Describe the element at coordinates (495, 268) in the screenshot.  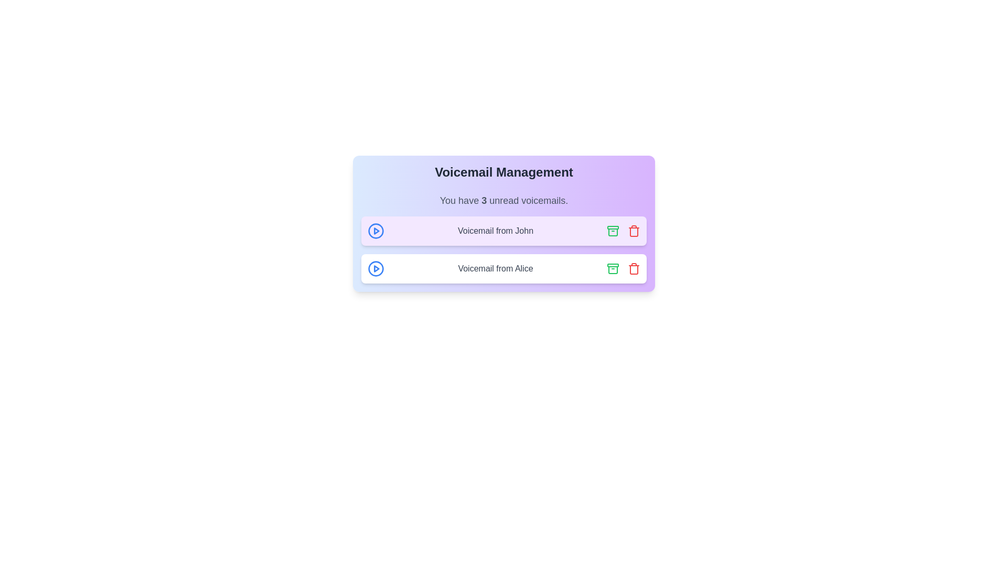
I see `the informative text label indicating the voicemail is from 'Alice', which is located directly below the entry for 'Voicemail from John'` at that location.